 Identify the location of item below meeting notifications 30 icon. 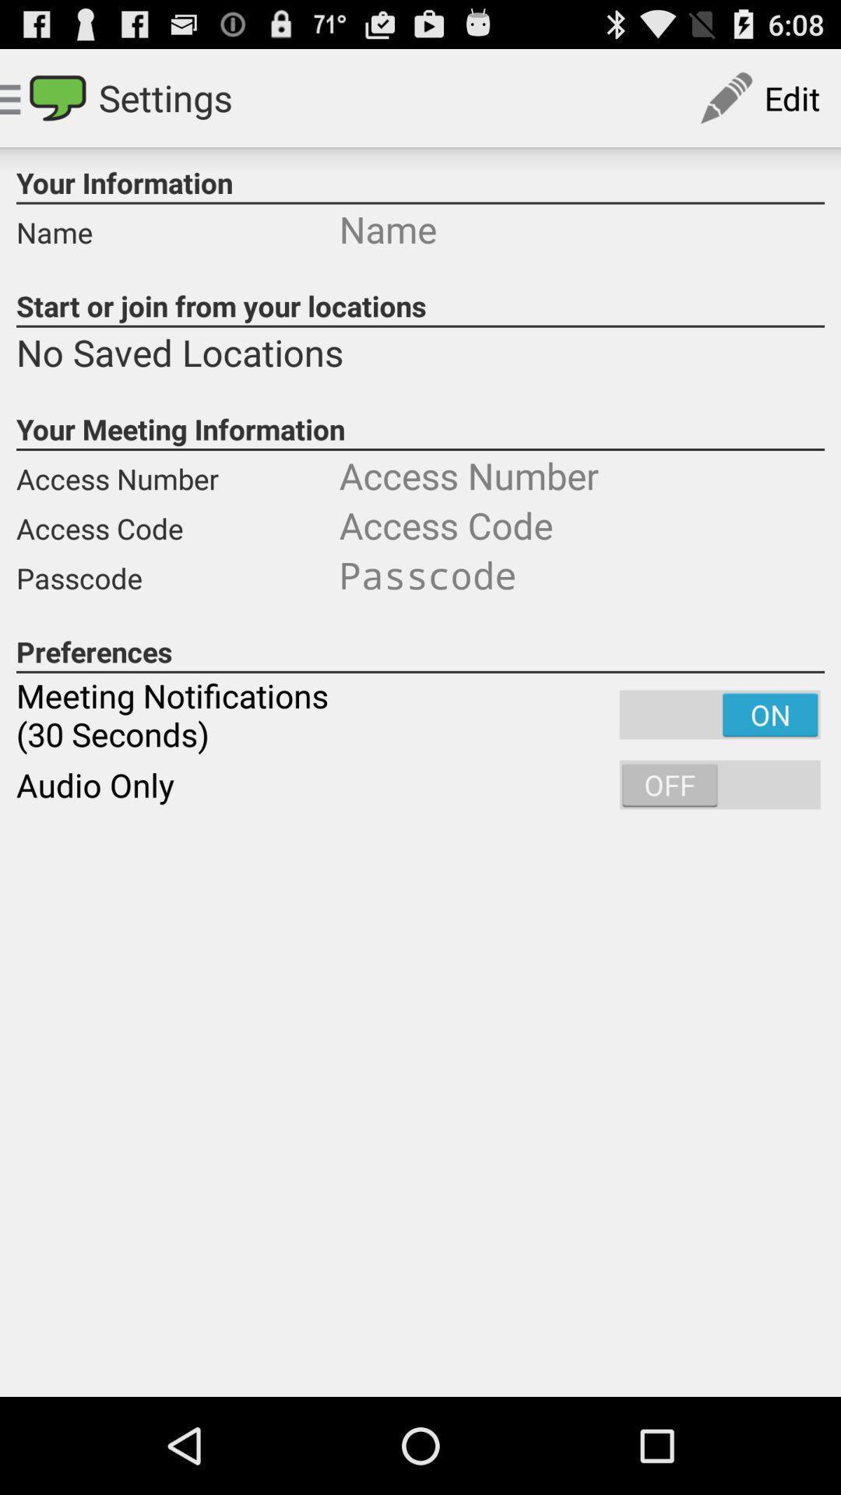
(420, 785).